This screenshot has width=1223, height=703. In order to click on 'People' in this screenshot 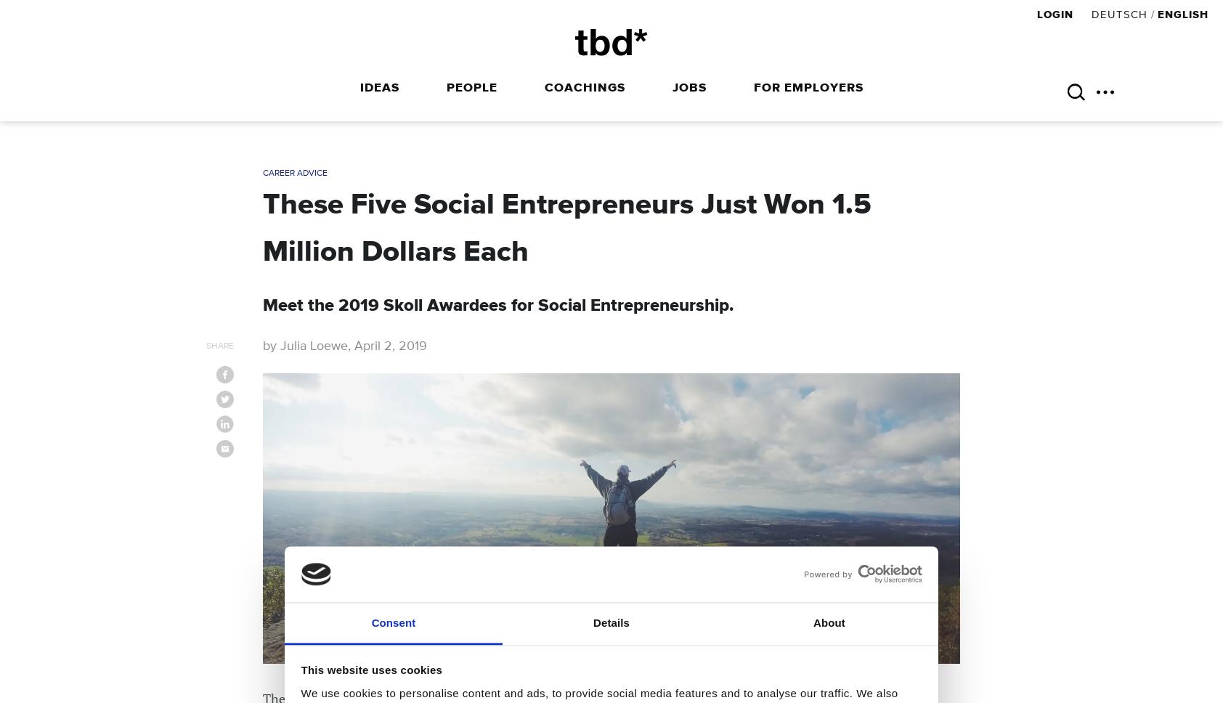, I will do `click(471, 88)`.